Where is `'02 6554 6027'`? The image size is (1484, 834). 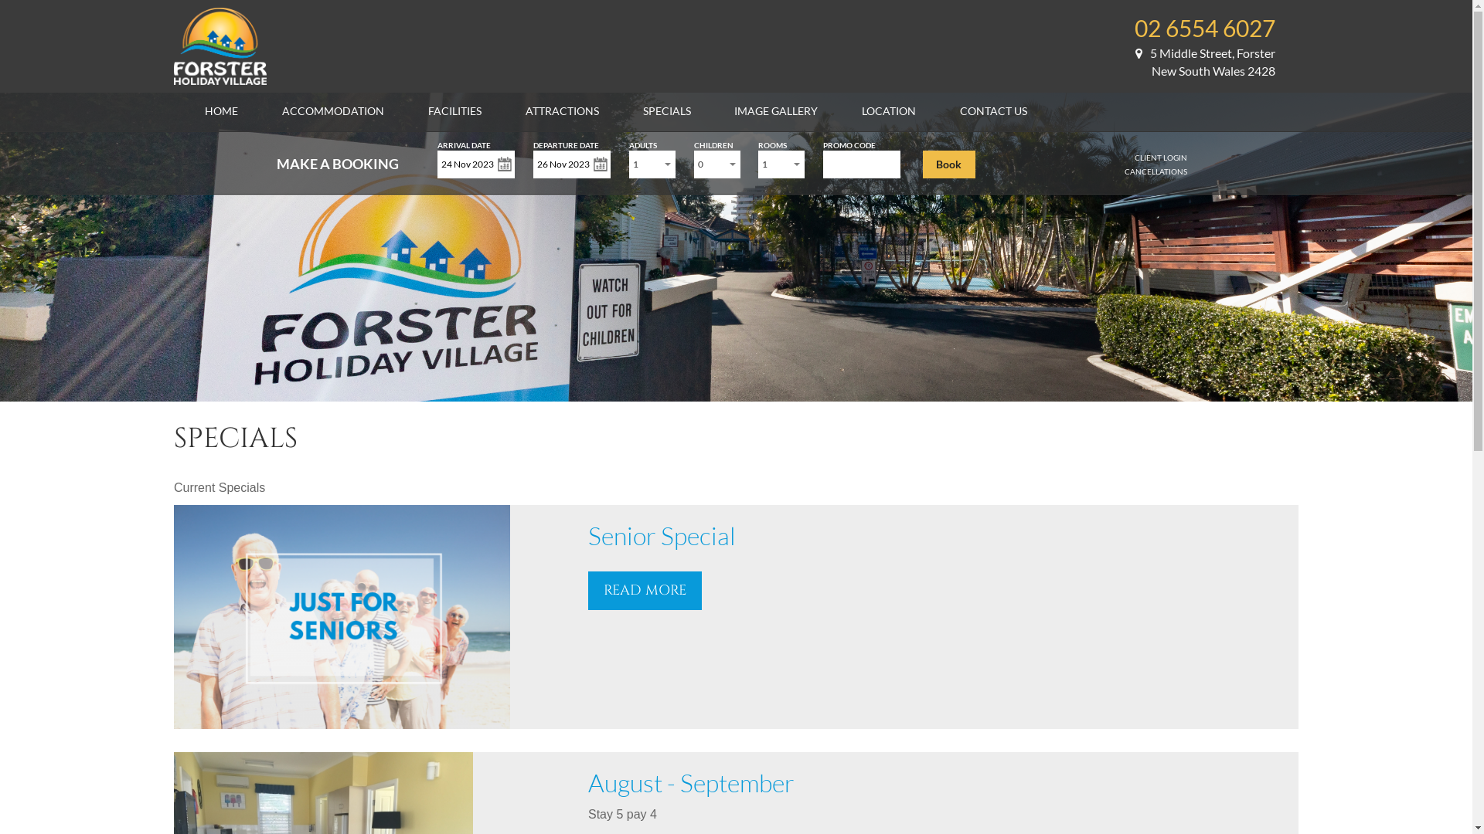
'02 6554 6027' is located at coordinates (1135, 27).